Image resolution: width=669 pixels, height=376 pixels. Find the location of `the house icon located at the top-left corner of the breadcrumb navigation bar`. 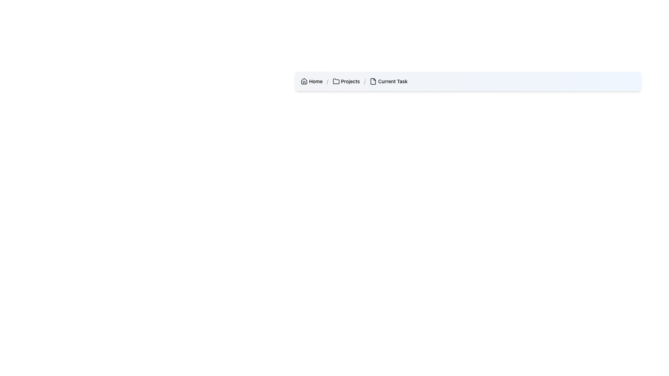

the house icon located at the top-left corner of the breadcrumb navigation bar is located at coordinates (304, 81).